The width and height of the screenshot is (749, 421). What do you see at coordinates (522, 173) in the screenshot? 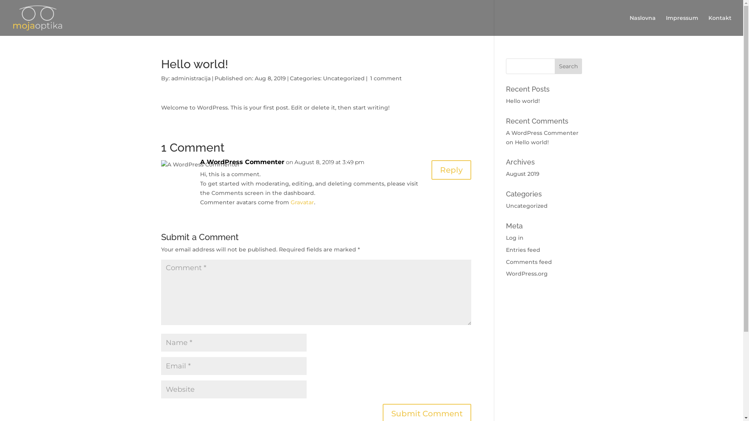
I see `'August 2019'` at bounding box center [522, 173].